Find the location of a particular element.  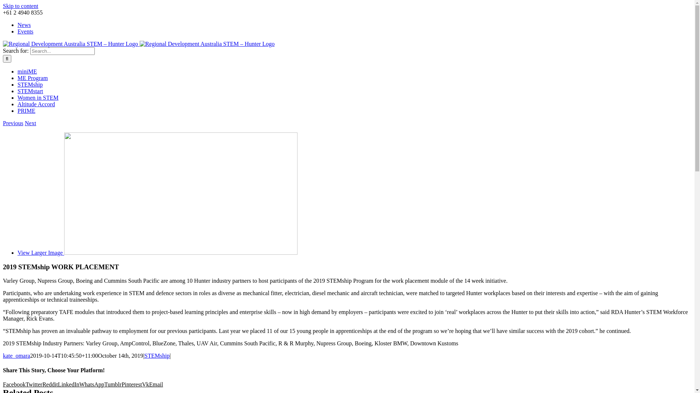

'Skip to content' is located at coordinates (20, 6).